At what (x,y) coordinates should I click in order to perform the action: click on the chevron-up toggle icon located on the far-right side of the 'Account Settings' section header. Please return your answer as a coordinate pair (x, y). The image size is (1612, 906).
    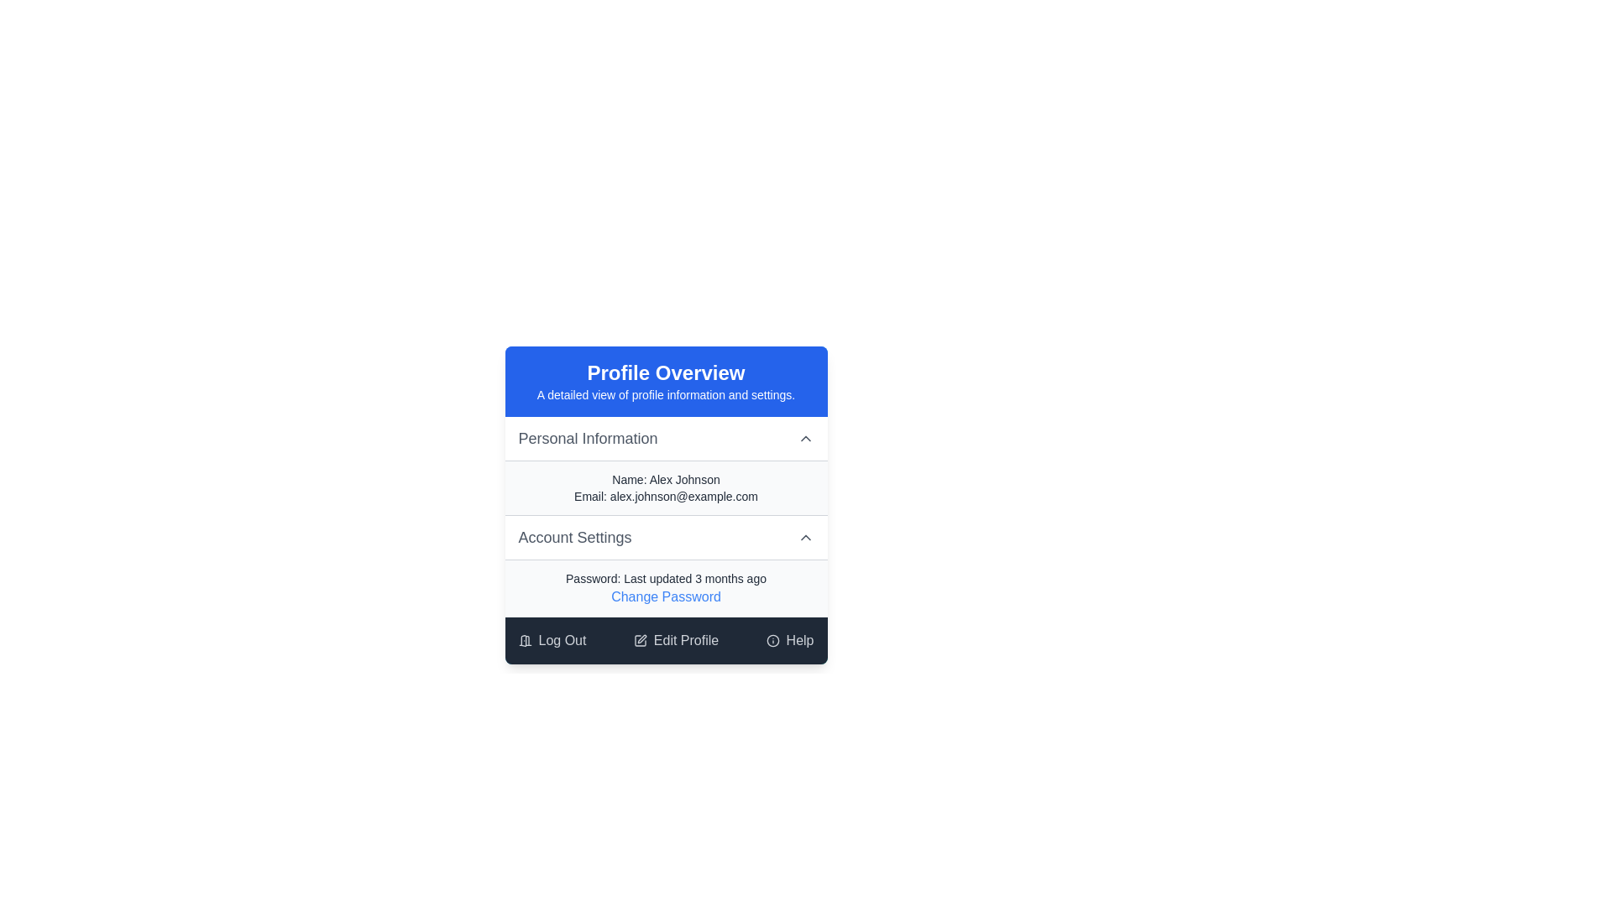
    Looking at the image, I should click on (804, 537).